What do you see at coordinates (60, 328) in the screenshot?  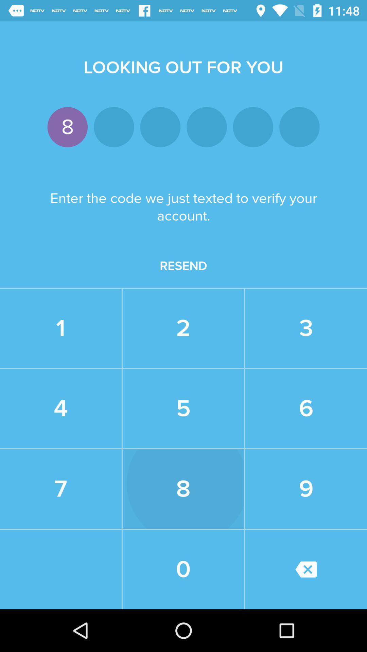 I see `the 1 item` at bounding box center [60, 328].